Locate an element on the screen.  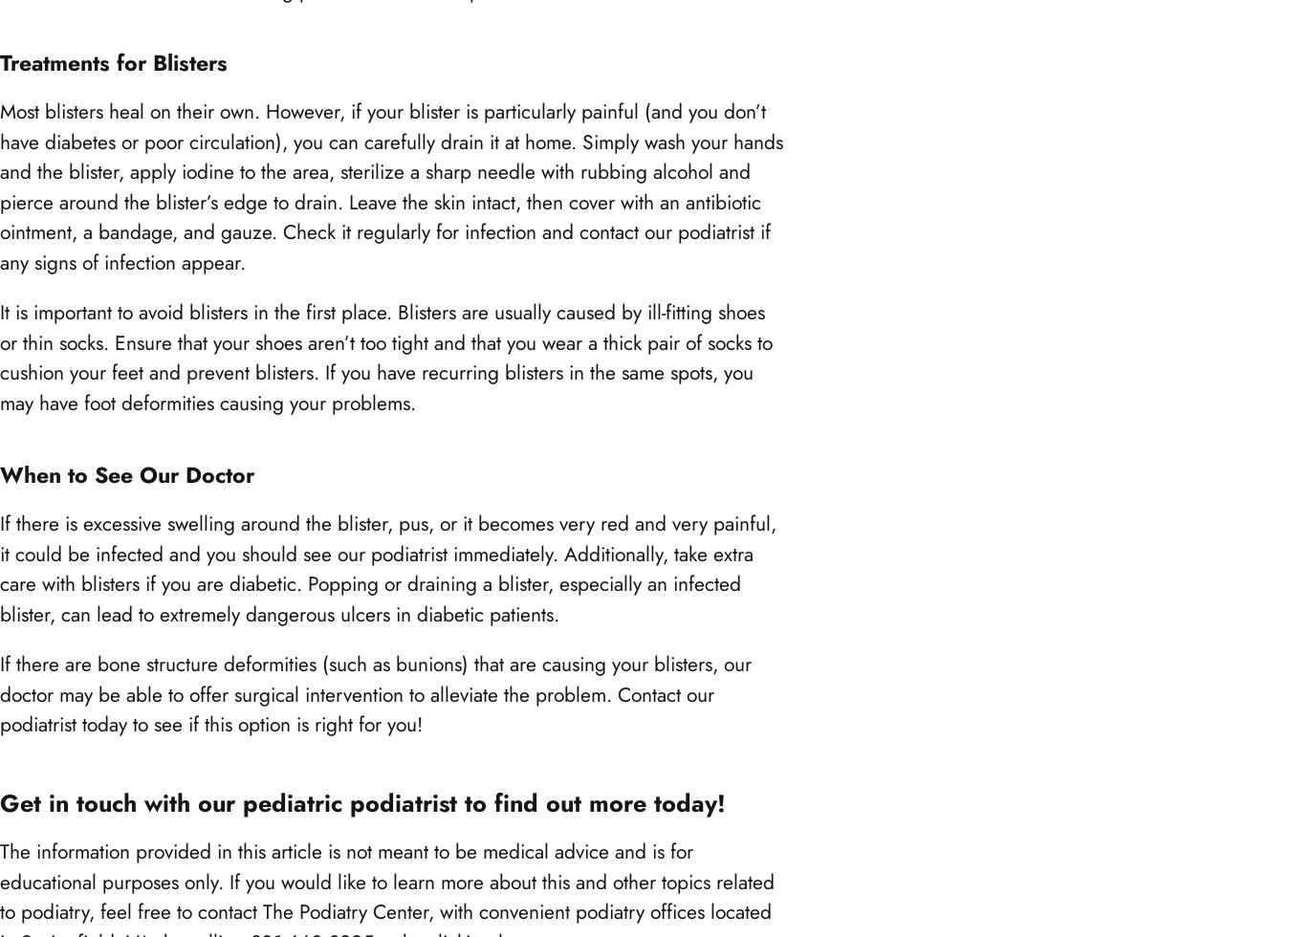
'Springfield, VA 22150' is located at coordinates (84, 251).